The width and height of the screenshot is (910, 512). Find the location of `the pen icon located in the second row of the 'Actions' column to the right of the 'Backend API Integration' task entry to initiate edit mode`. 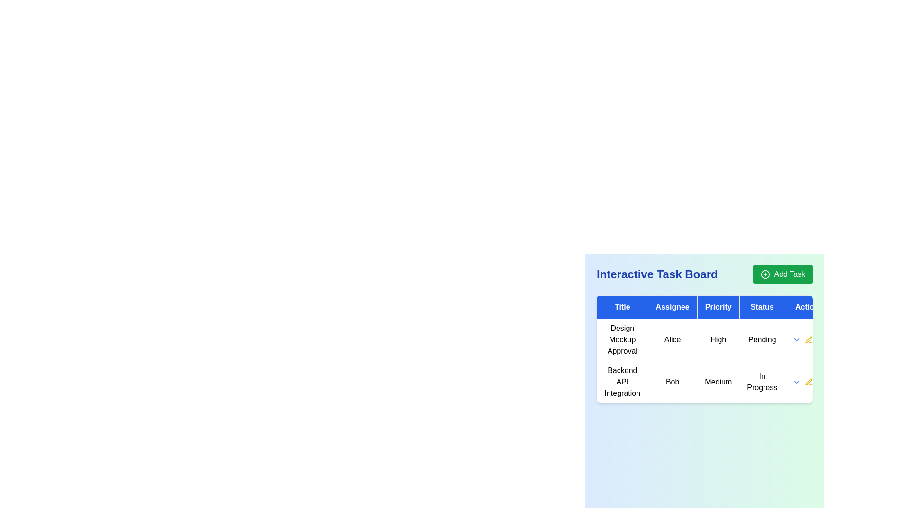

the pen icon located in the second row of the 'Actions' column to the right of the 'Backend API Integration' task entry to initiate edit mode is located at coordinates (808, 339).